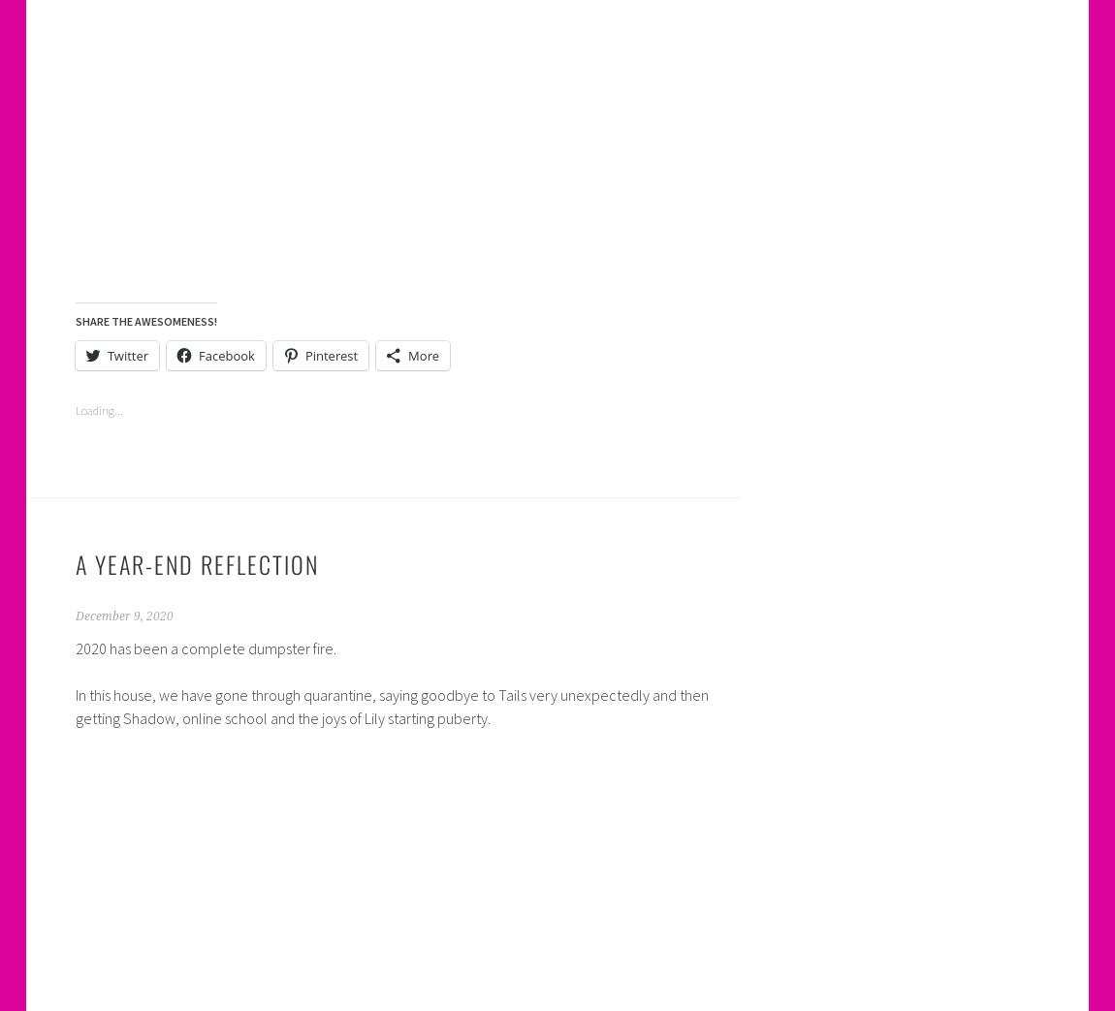  I want to click on '2020 has been a complete dumpster fire.', so click(204, 647).